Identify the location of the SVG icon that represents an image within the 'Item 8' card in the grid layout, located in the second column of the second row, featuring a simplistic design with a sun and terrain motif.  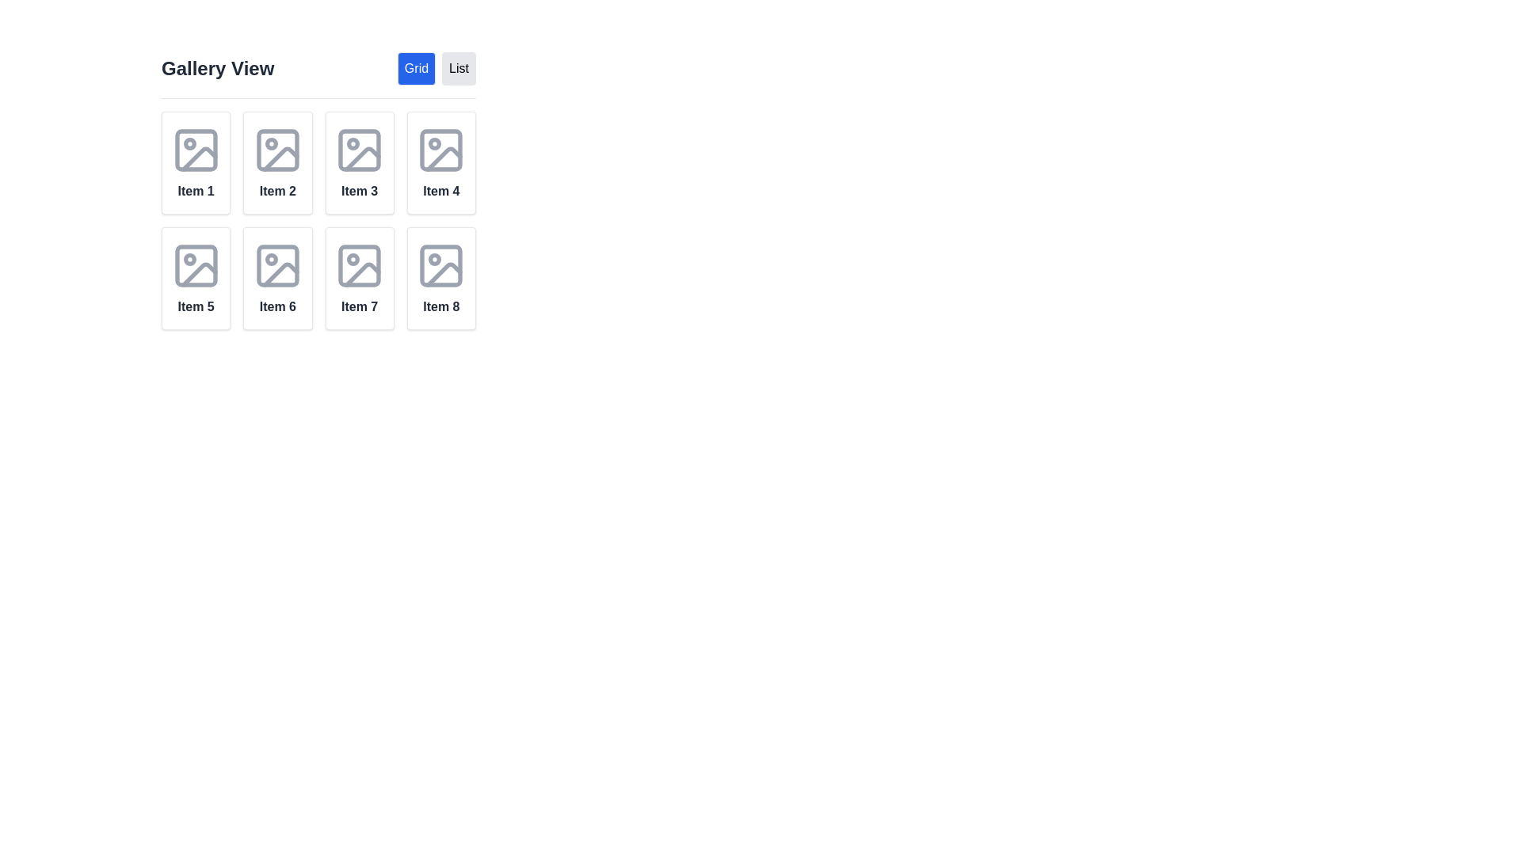
(441, 264).